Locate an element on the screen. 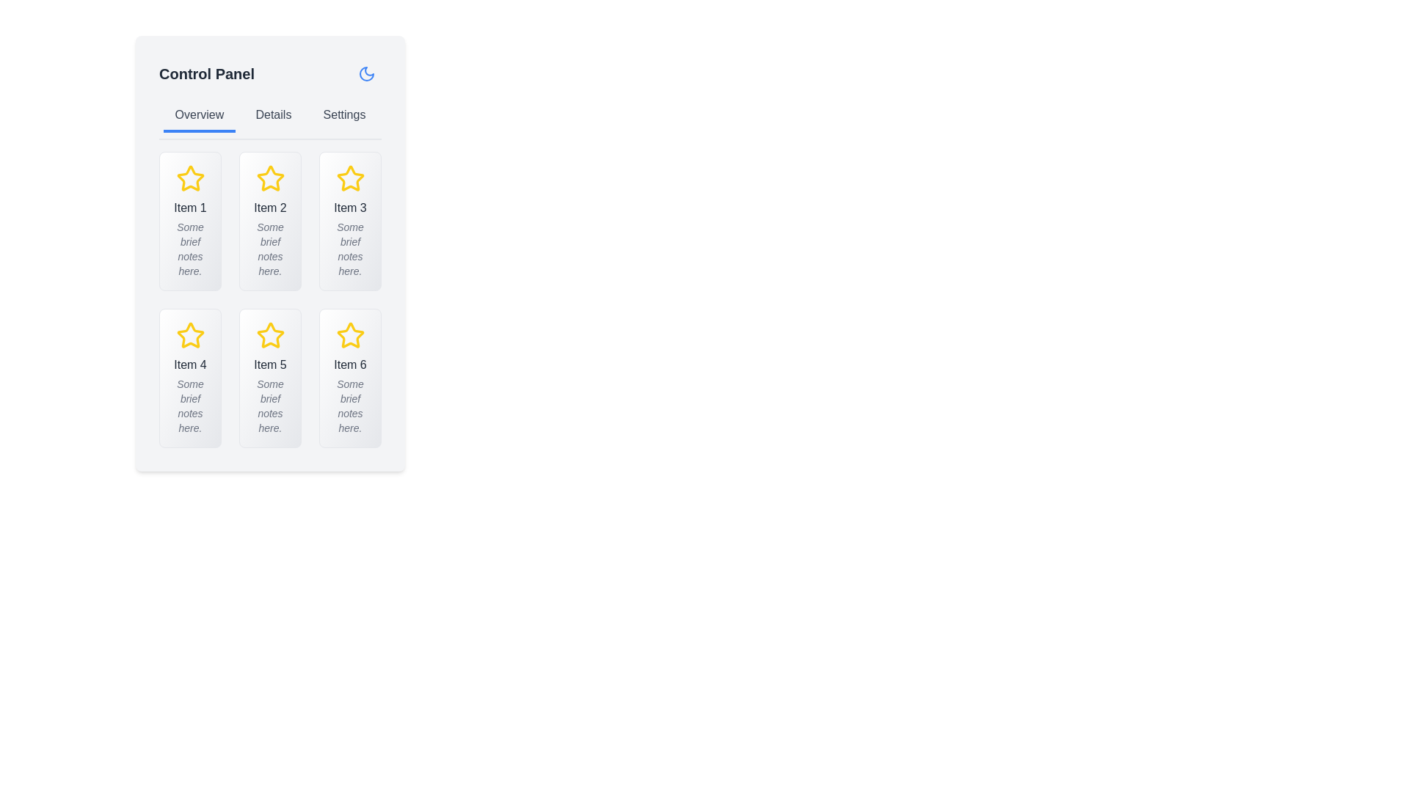 This screenshot has width=1409, height=792. text label styled in small italicized gray font that reads 'Some brief notes here.' located under the larger label 'Item 4.' is located at coordinates (189, 406).